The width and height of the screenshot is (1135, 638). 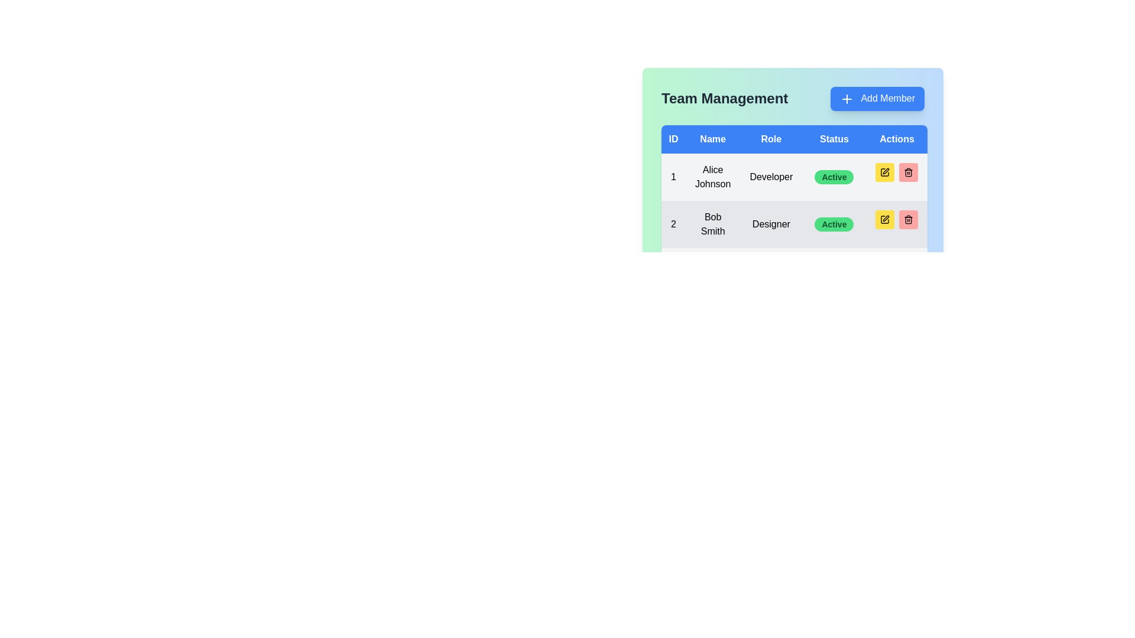 What do you see at coordinates (886, 218) in the screenshot?
I see `the editing action icon located in the 'Actions' column of the second row of the 'Team Management' table, which is to the right of the 'Status' column and under a yellow background button` at bounding box center [886, 218].